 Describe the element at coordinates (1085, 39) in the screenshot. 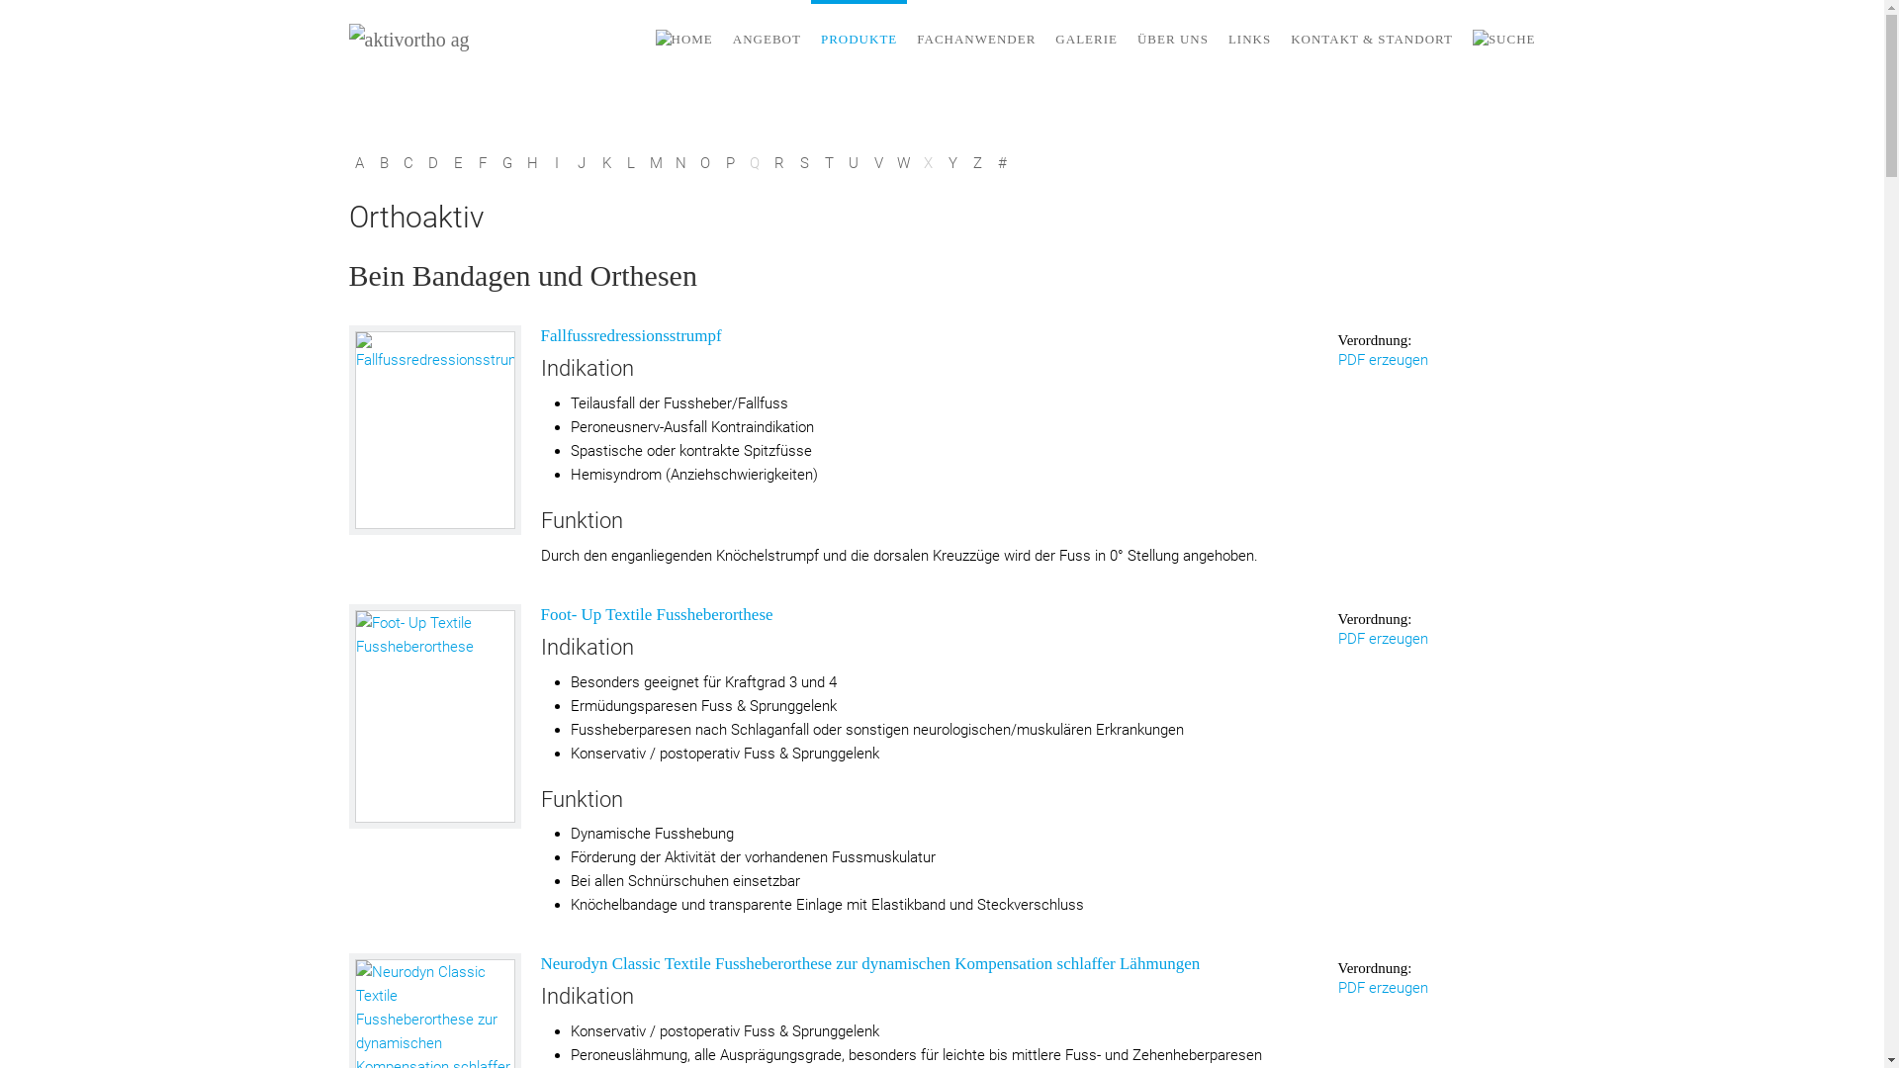

I see `'GALERIE'` at that location.